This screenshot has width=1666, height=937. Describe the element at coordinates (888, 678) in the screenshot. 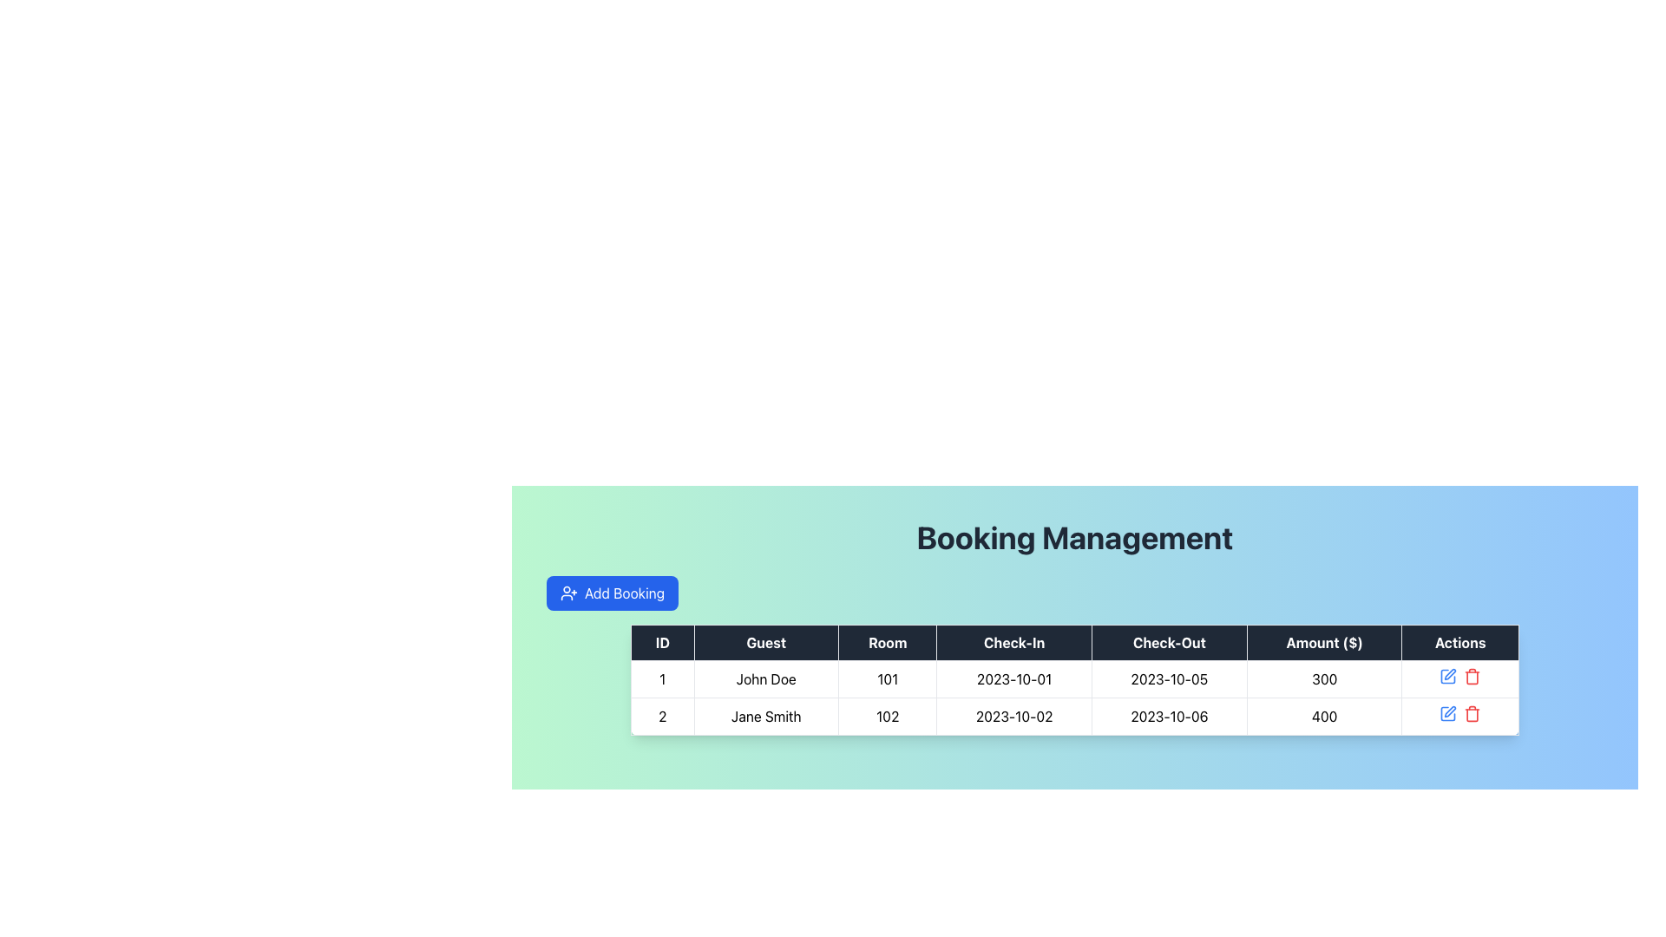

I see `the room number text in the booking management table, located in the third cell of the first row under the 'Room' header` at that location.